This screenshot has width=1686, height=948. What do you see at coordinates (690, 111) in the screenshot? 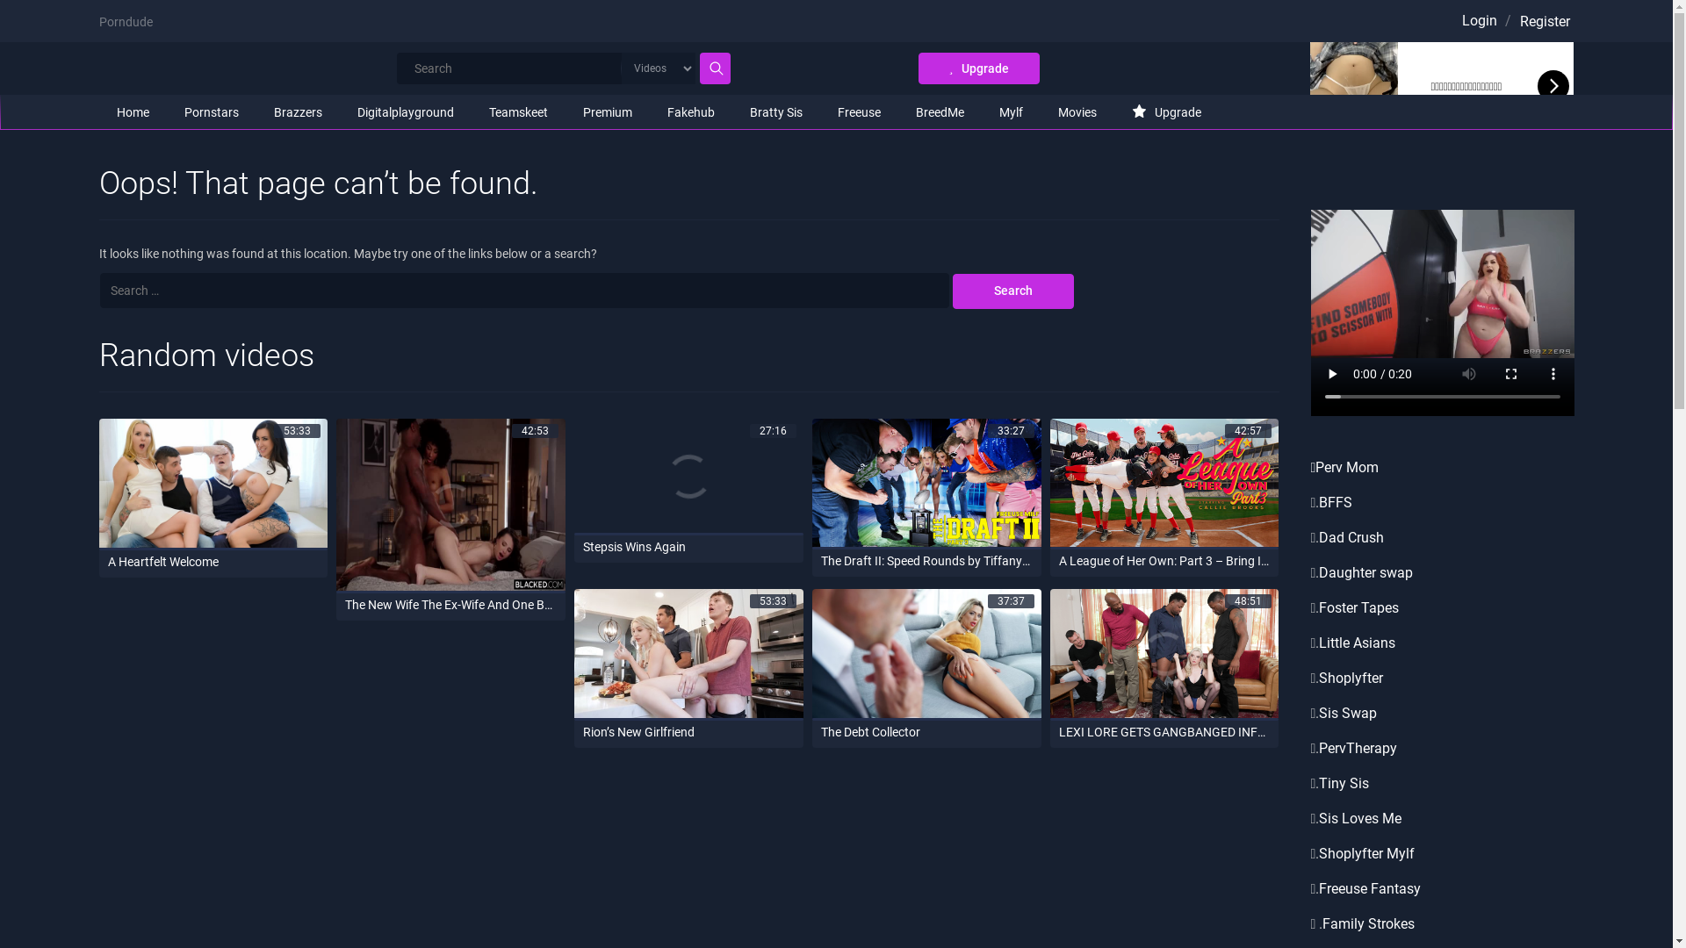
I see `'Fakehub'` at bounding box center [690, 111].